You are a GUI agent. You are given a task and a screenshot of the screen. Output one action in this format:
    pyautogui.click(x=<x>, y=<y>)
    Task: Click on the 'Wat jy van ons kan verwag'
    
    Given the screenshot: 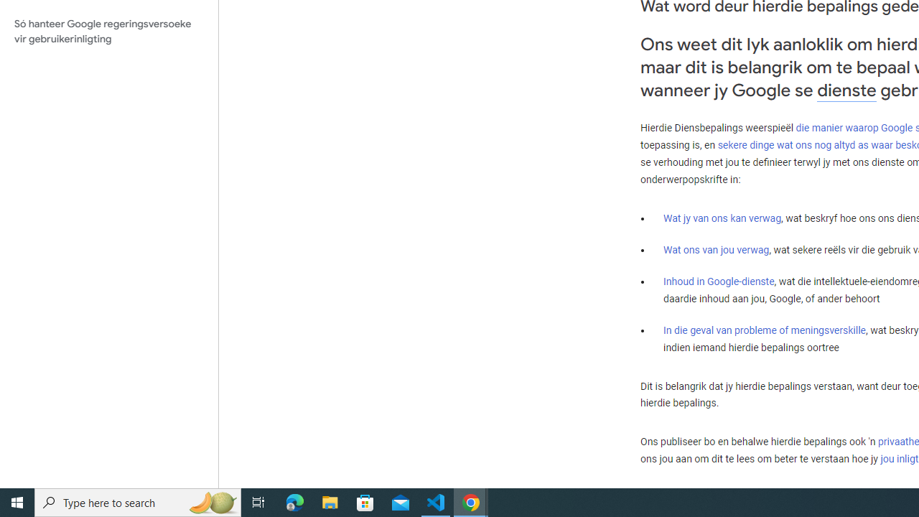 What is the action you would take?
    pyautogui.click(x=722, y=218)
    